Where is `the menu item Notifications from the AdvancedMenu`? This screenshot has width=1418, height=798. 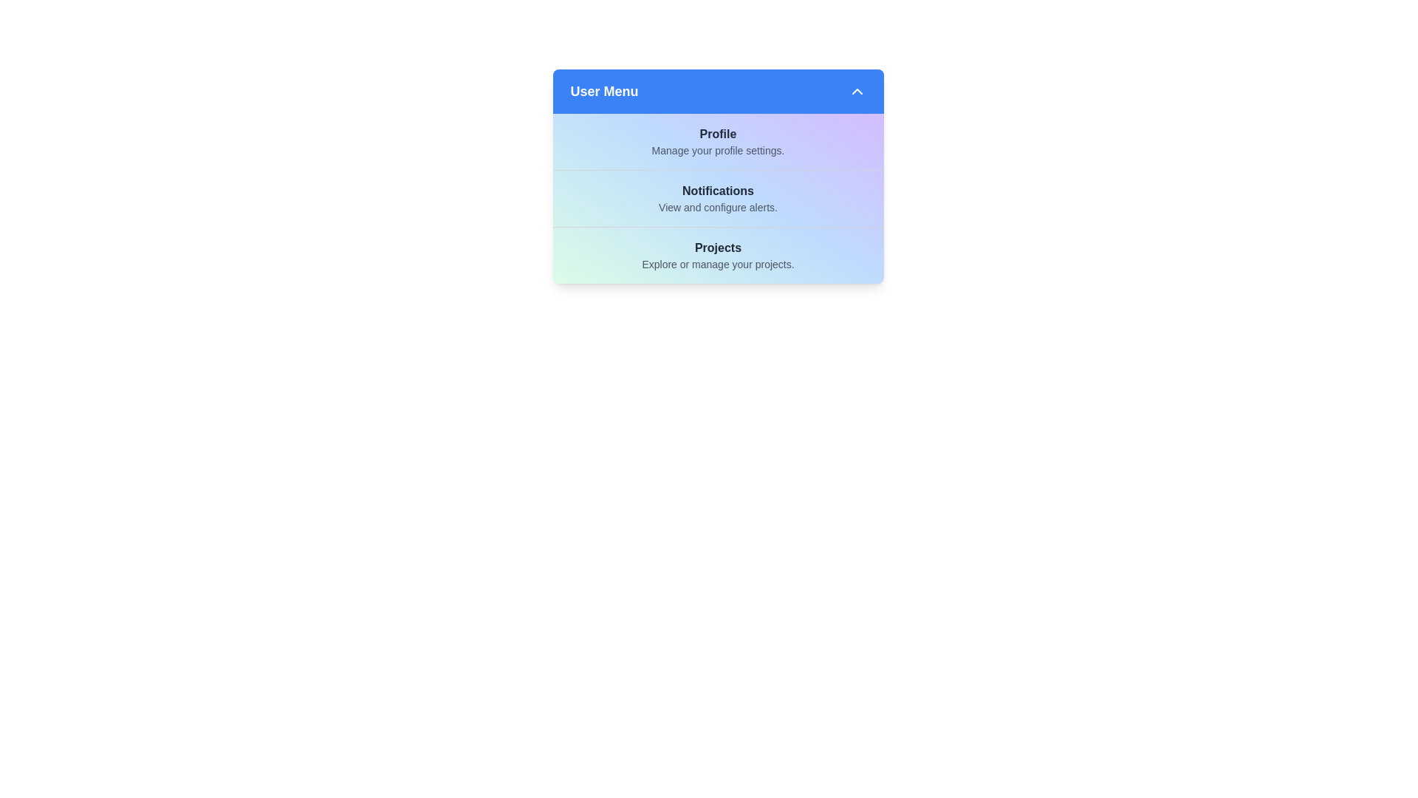 the menu item Notifications from the AdvancedMenu is located at coordinates (718, 197).